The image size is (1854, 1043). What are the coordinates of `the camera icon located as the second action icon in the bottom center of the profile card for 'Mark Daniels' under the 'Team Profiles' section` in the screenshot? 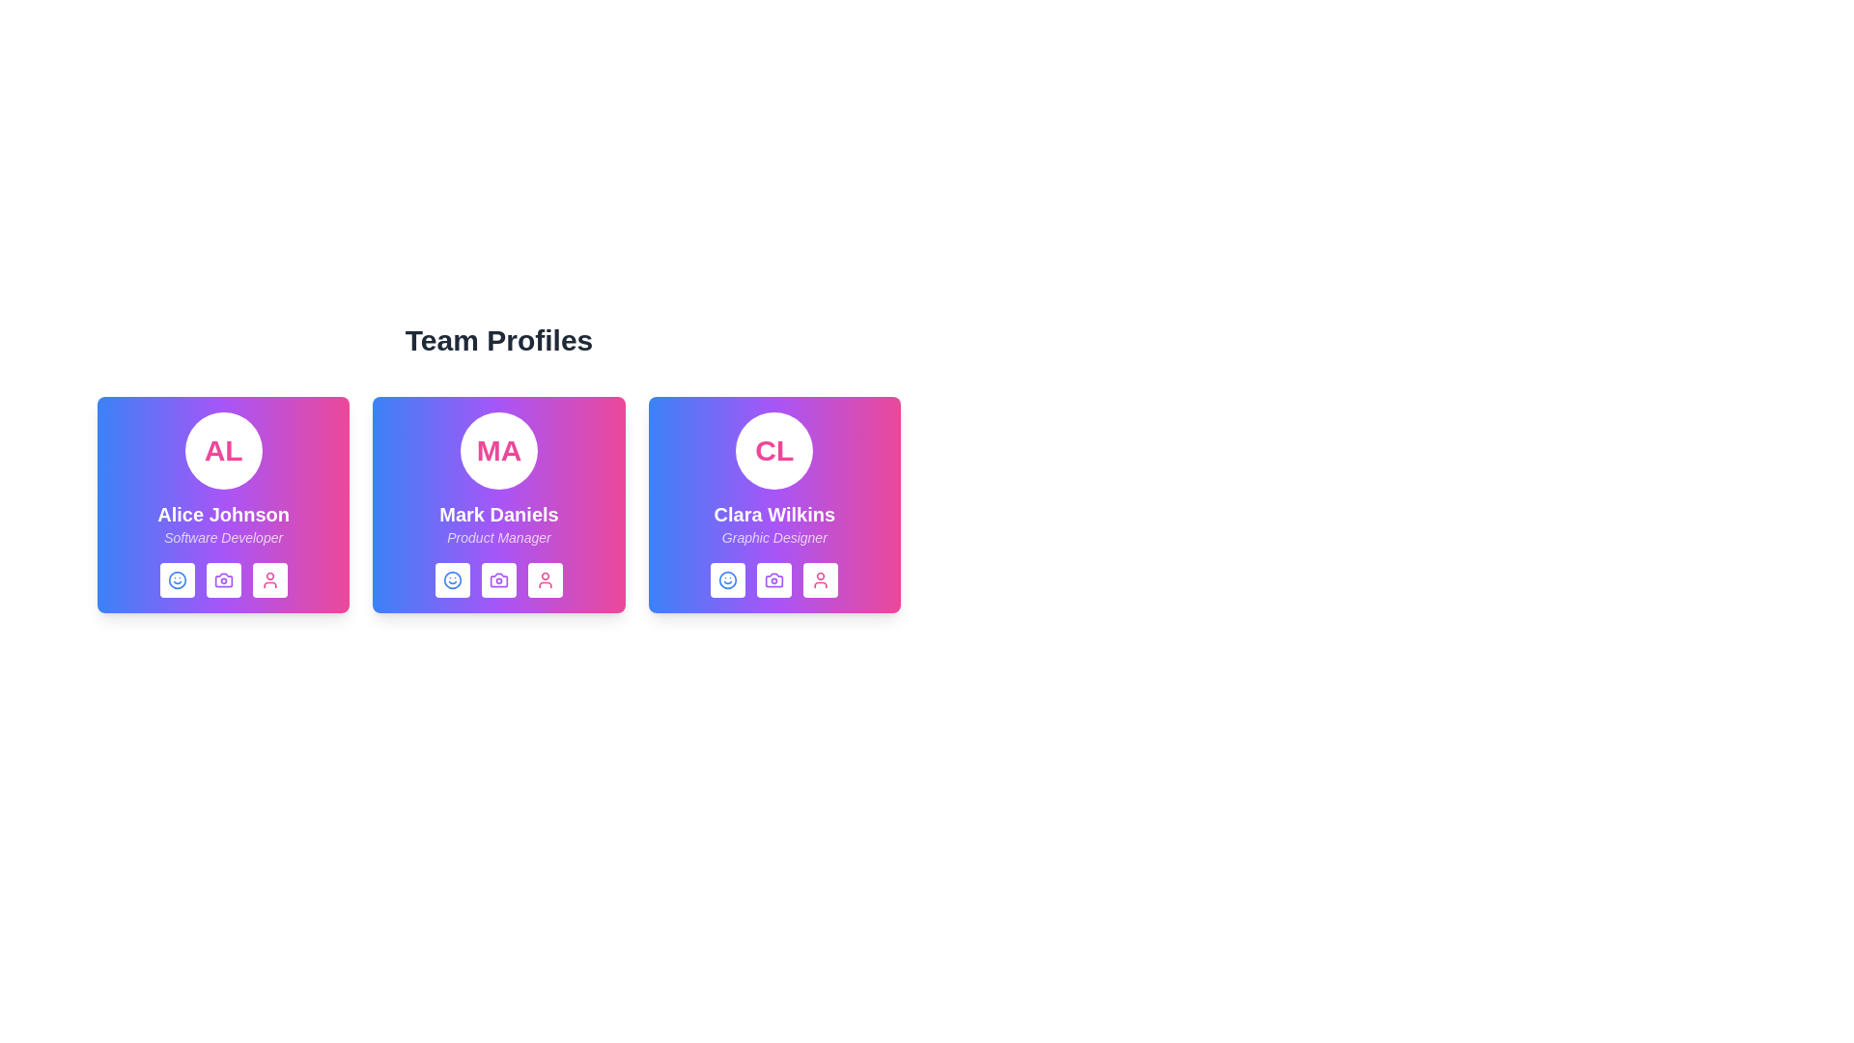 It's located at (499, 579).